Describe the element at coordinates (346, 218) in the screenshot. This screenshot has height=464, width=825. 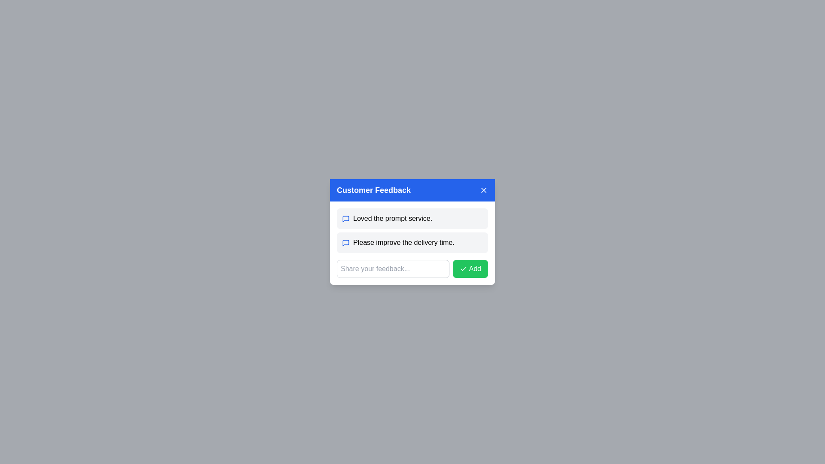
I see `the Icon representing user comments or feedback, which is the leftmost element in the first feedback row of the 'Customer Feedback' dialogue box, as a static decorative graphic` at that location.